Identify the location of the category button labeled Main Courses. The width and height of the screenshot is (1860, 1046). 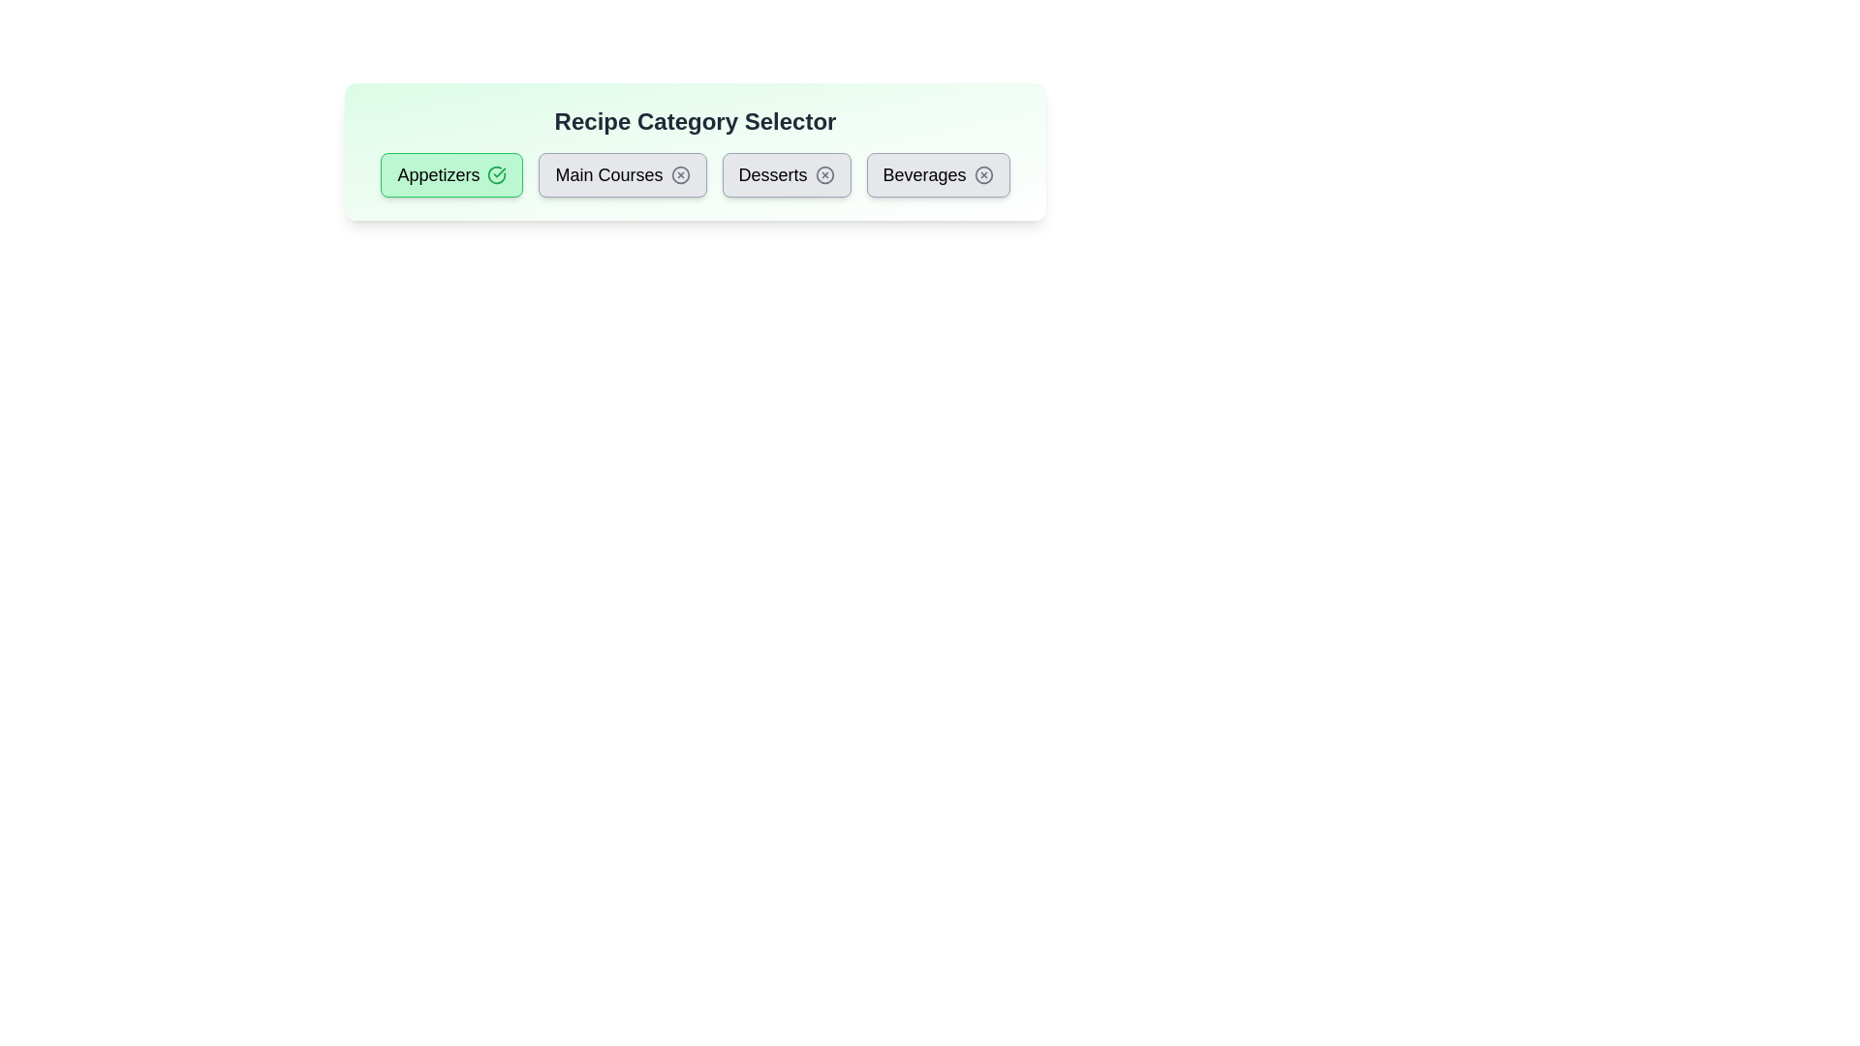
(623, 175).